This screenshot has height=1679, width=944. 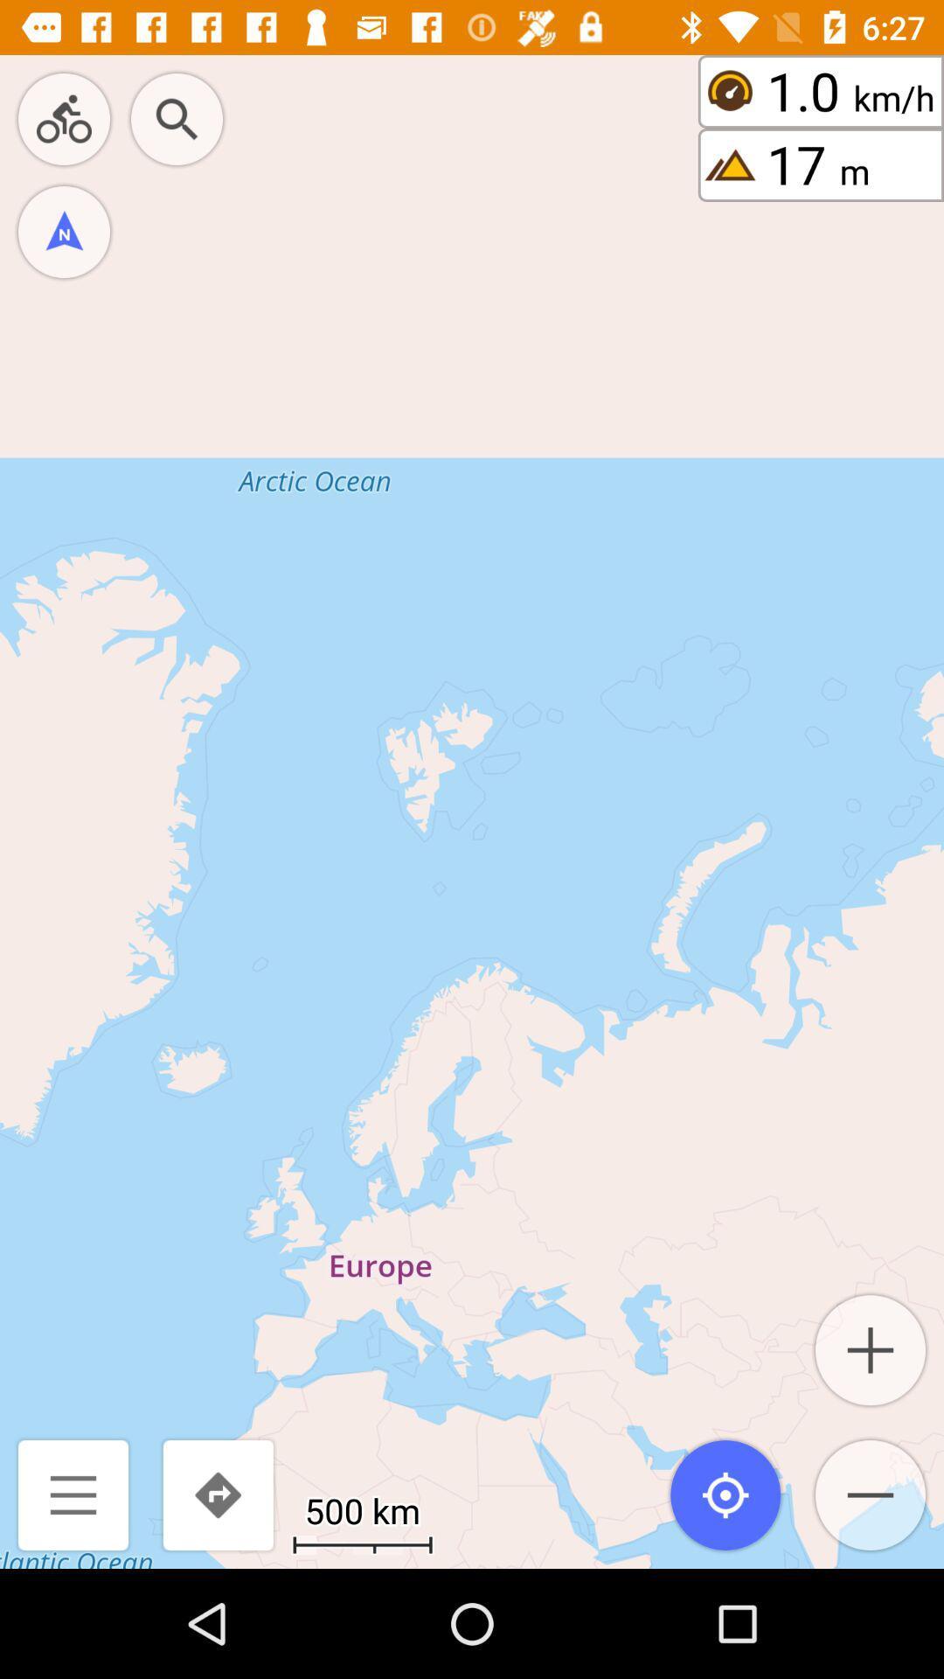 What do you see at coordinates (73, 1494) in the screenshot?
I see `the menu icon` at bounding box center [73, 1494].